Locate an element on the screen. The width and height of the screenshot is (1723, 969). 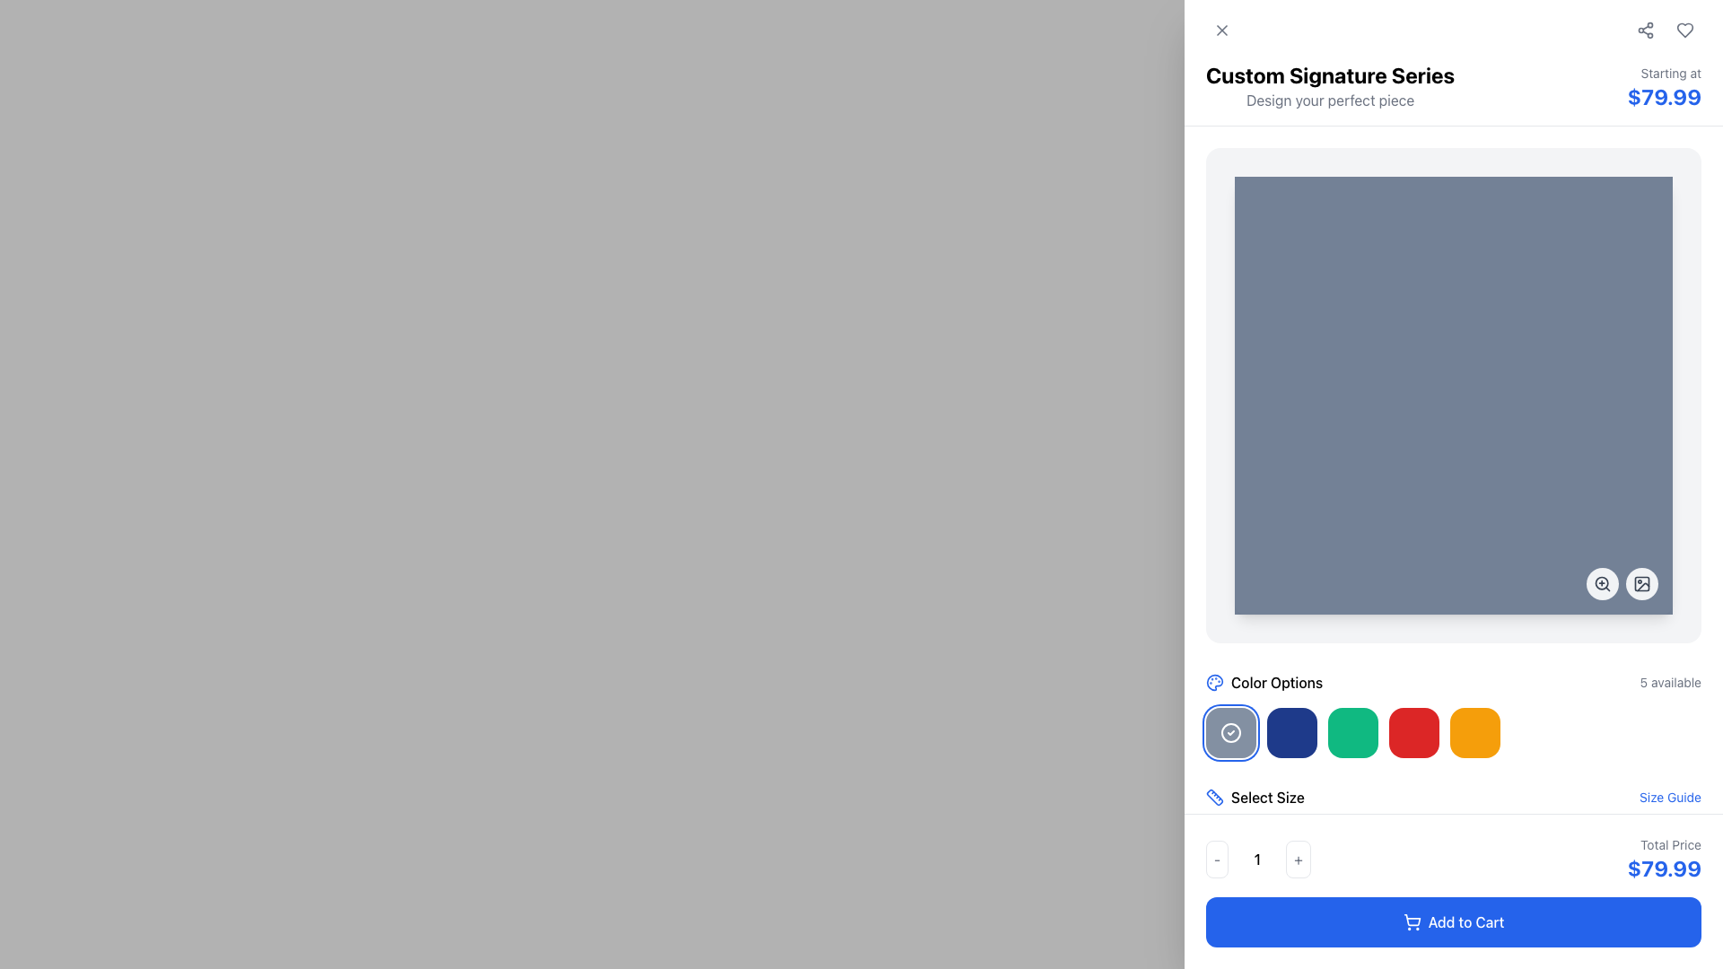
the 'Size Guide' text link in the lower-right corner of the 'Select Size' section to trigger the visual underline effect is located at coordinates (1669, 796).